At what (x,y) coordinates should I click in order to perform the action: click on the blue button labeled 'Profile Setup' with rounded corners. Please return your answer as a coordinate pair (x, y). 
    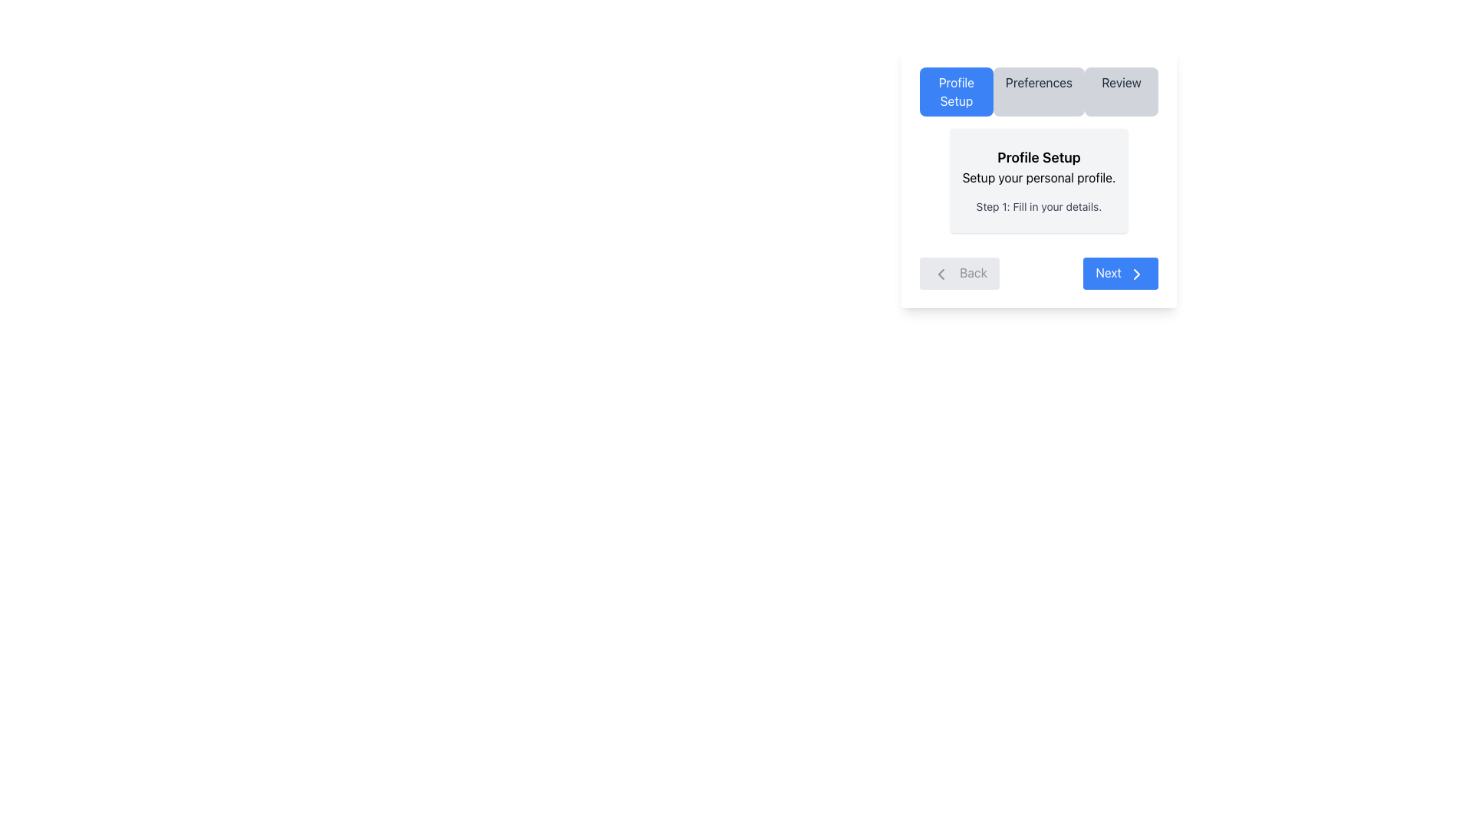
    Looking at the image, I should click on (956, 91).